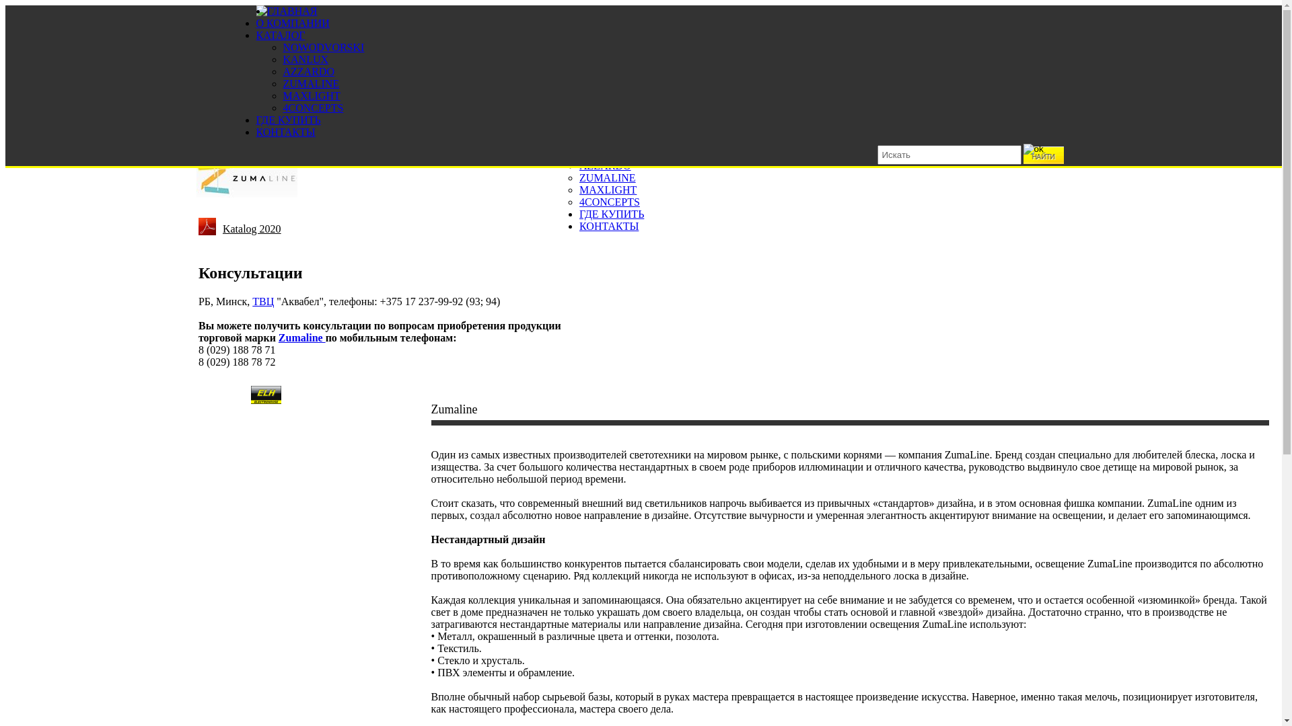 The height and width of the screenshot is (726, 1292). Describe the element at coordinates (604, 165) in the screenshot. I see `'AZZARDO'` at that location.